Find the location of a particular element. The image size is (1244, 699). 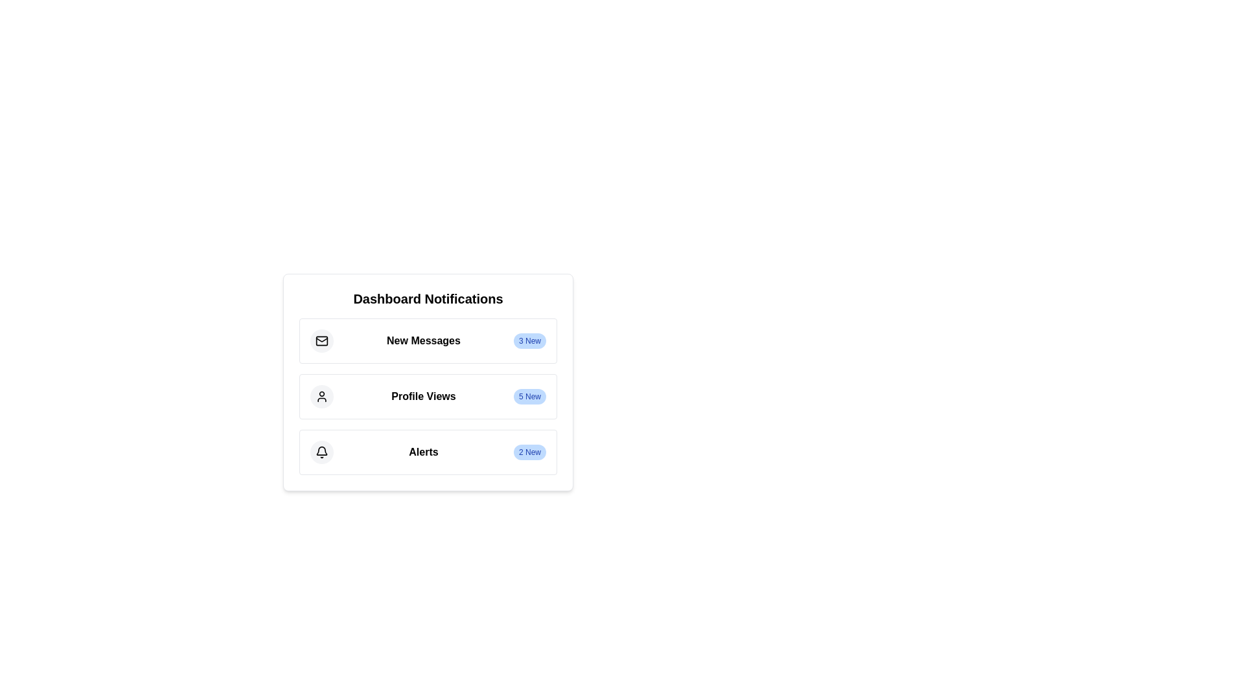

the text label for the notification category 'Alerts' is located at coordinates (423, 451).